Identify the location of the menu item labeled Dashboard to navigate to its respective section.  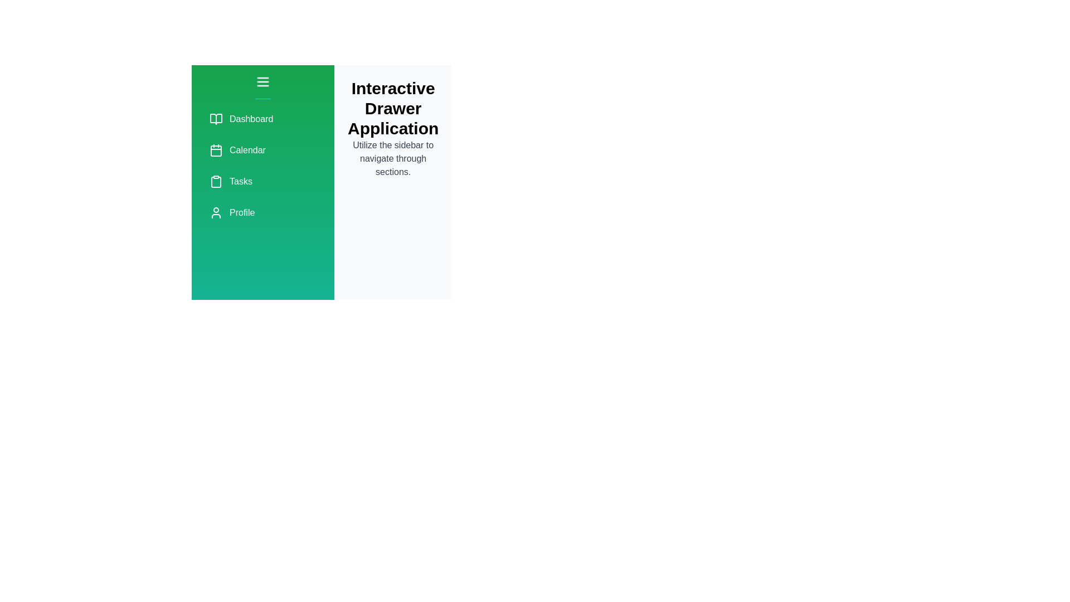
(262, 119).